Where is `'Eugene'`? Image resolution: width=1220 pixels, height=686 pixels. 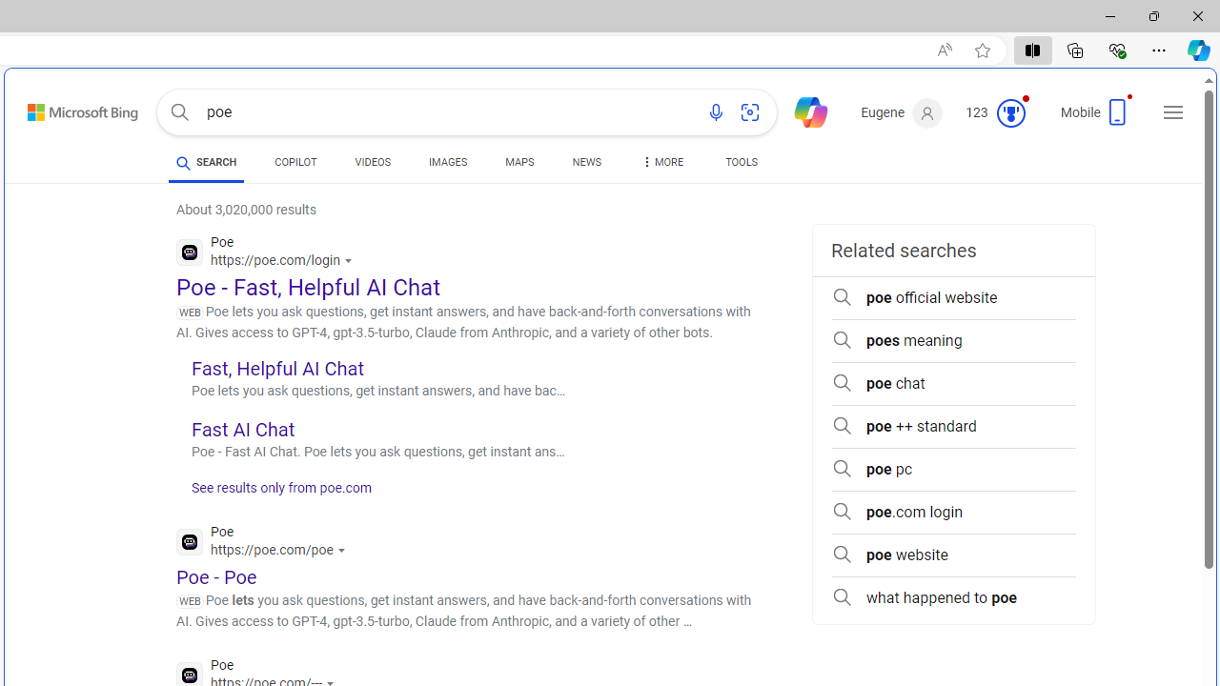
'Eugene' is located at coordinates (900, 113).